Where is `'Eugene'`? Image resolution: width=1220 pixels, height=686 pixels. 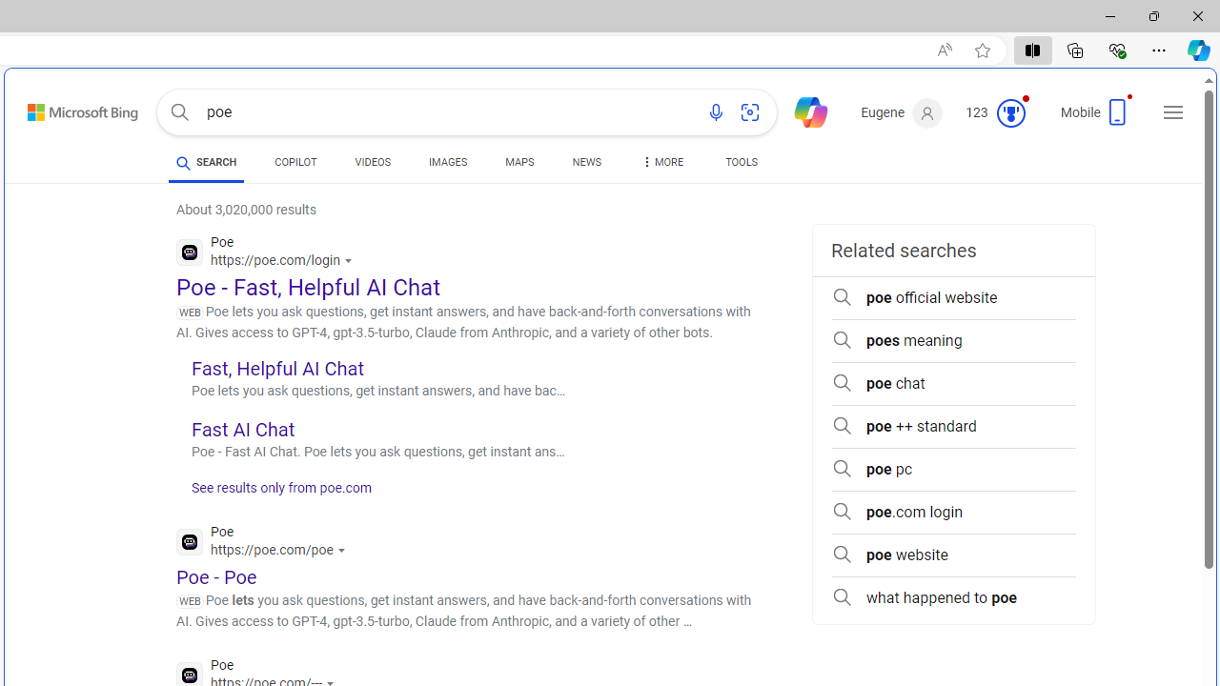
'Eugene' is located at coordinates (900, 113).